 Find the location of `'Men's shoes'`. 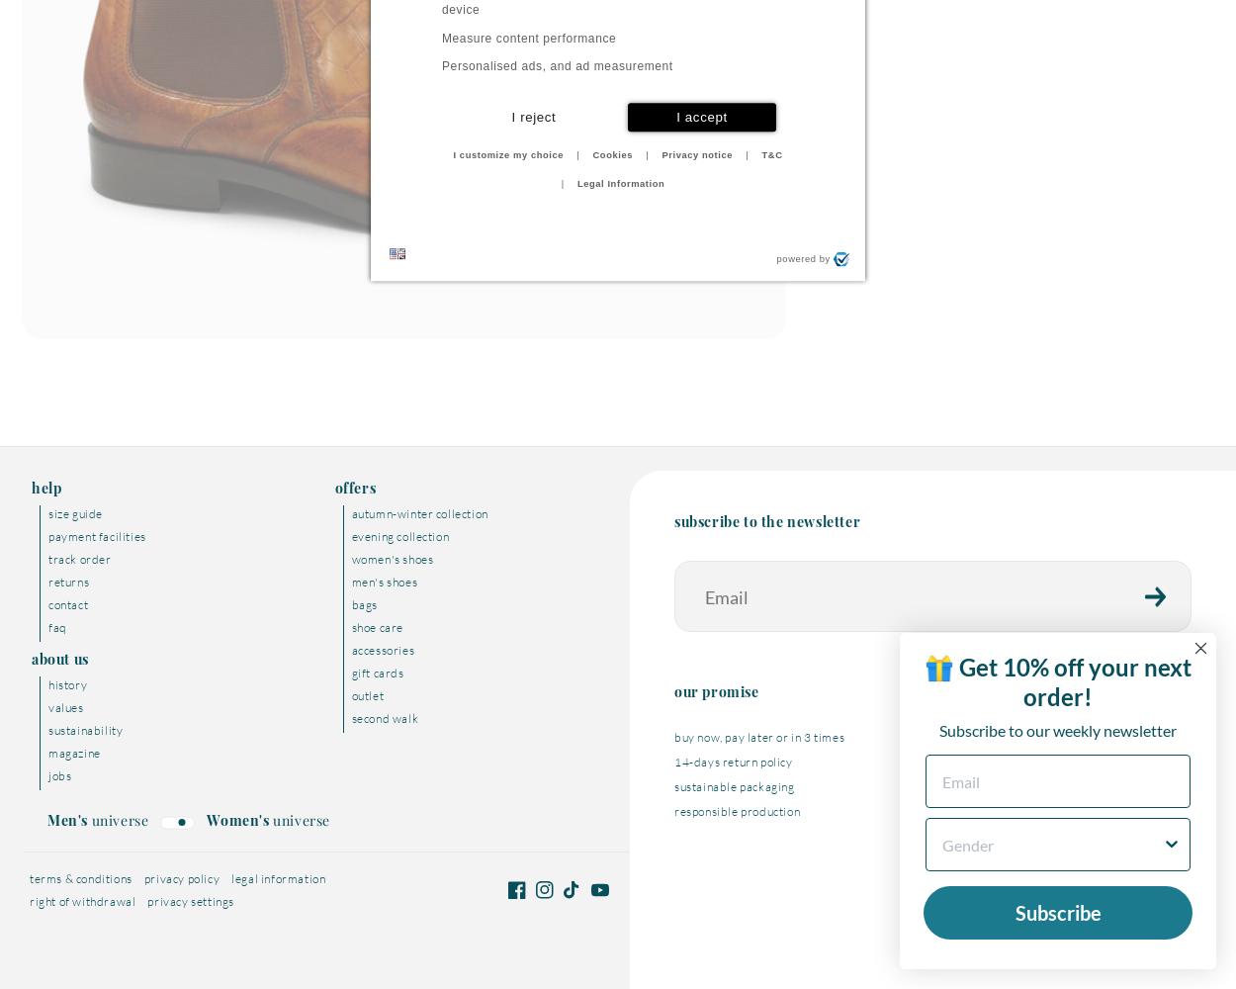

'Men's shoes' is located at coordinates (349, 581).